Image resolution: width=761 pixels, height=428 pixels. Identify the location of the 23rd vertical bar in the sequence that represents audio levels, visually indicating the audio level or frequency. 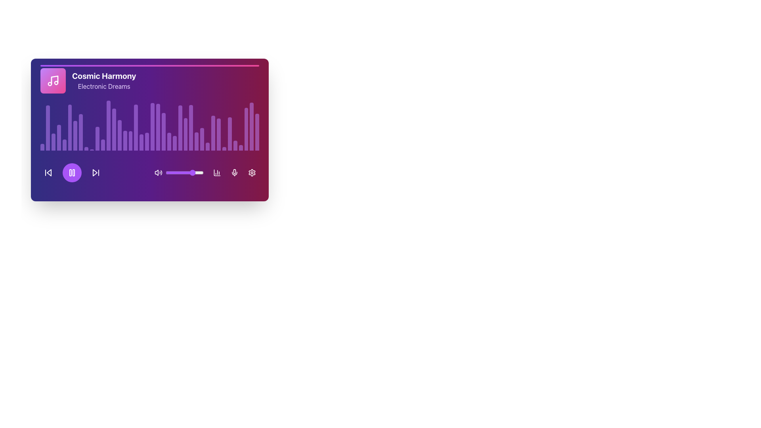
(163, 131).